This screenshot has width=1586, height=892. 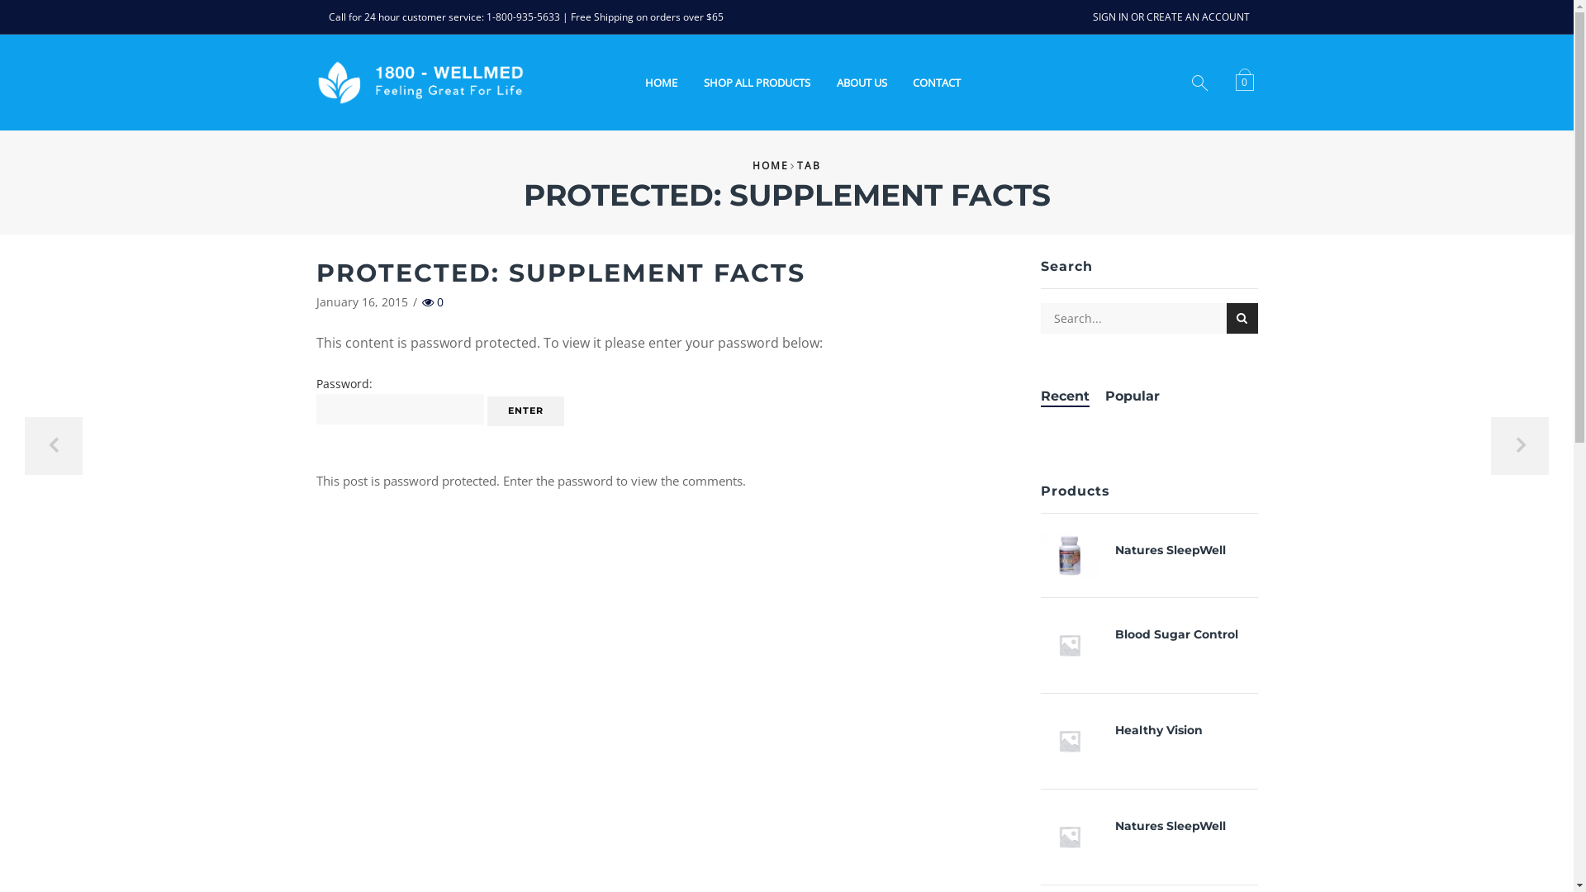 What do you see at coordinates (1132, 396) in the screenshot?
I see `'Popular'` at bounding box center [1132, 396].